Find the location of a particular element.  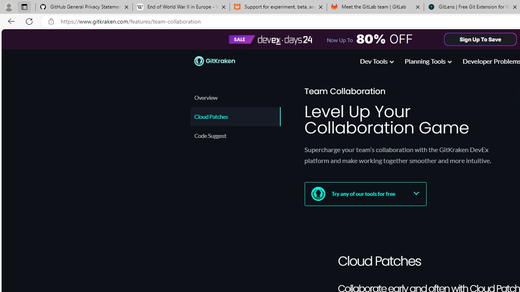

'Code Suggest' is located at coordinates (235, 135).